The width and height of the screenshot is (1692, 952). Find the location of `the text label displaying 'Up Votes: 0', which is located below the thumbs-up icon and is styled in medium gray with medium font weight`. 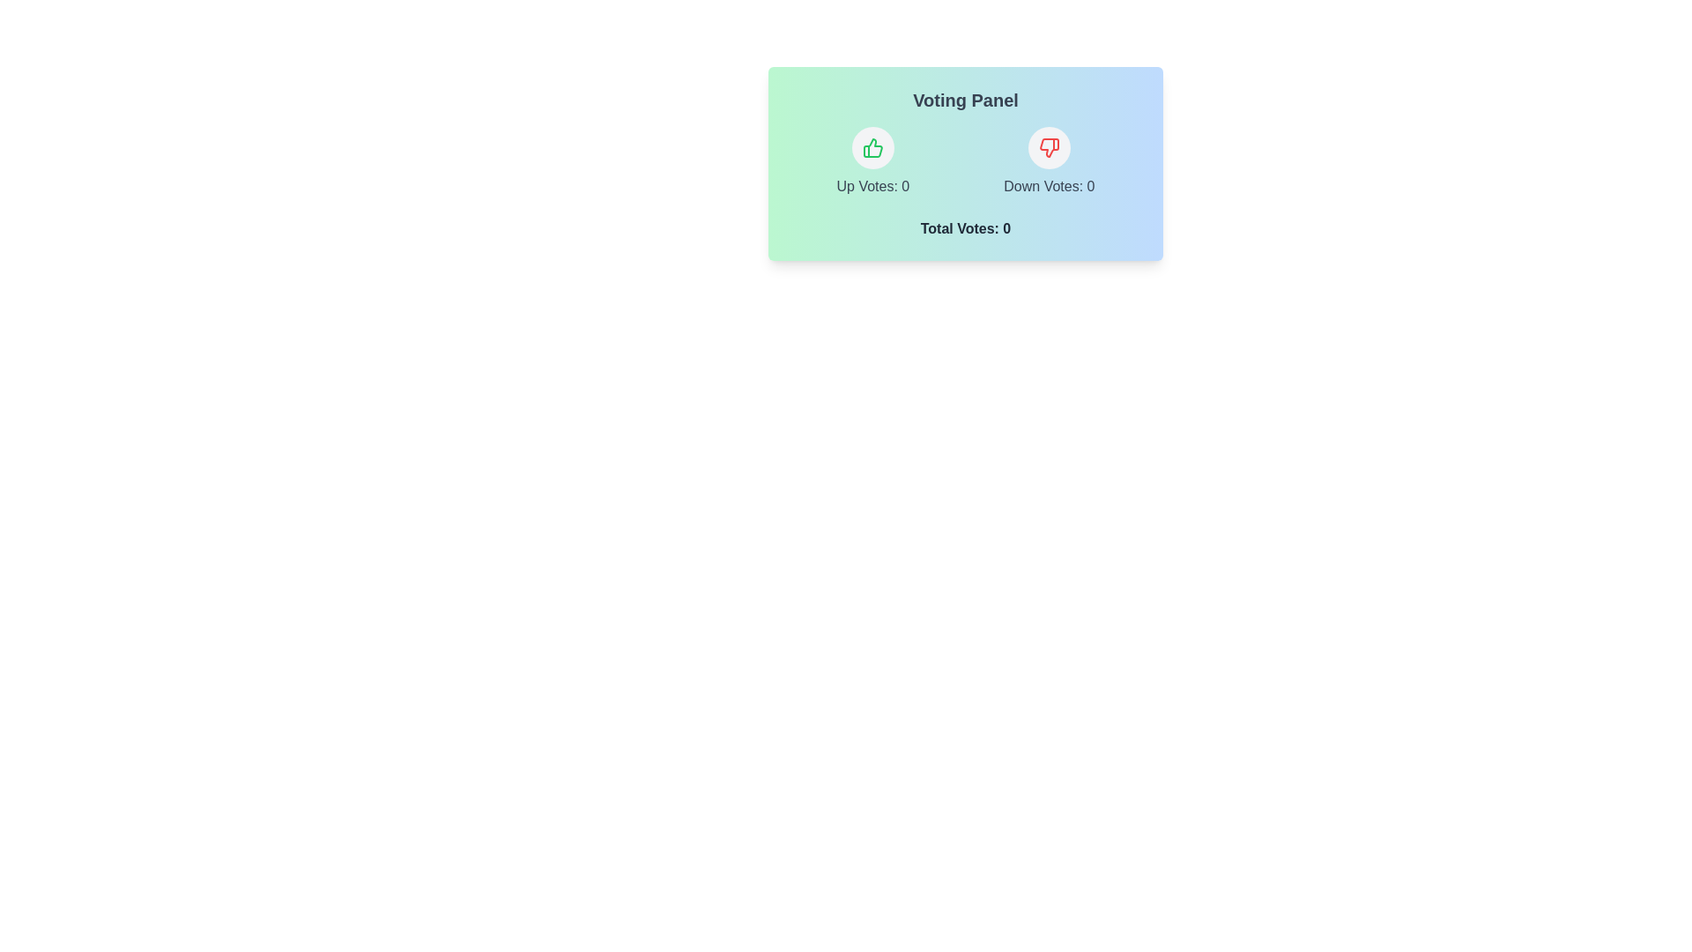

the text label displaying 'Up Votes: 0', which is located below the thumbs-up icon and is styled in medium gray with medium font weight is located at coordinates (872, 187).